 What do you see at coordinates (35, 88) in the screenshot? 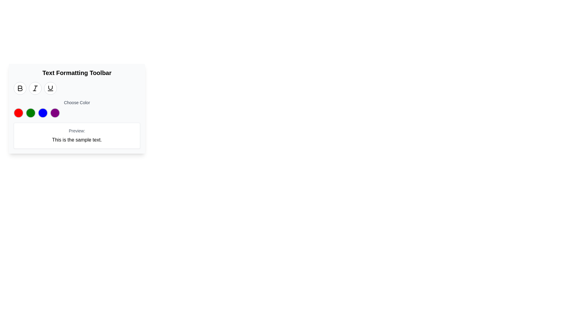
I see `the italic-style icon button represented by a slanted capital 'I' in the text formatting toolbar to apply italic formatting` at bounding box center [35, 88].